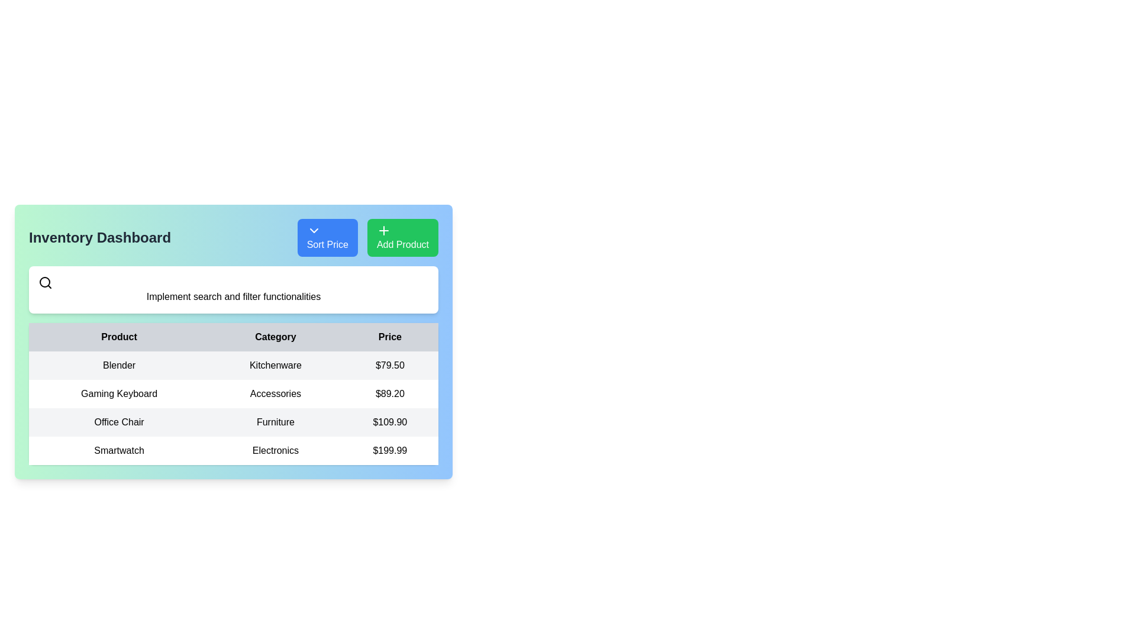 Image resolution: width=1136 pixels, height=639 pixels. Describe the element at coordinates (383, 230) in the screenshot. I see `the addition icon located in the top-right corner of the 'Add Product' button` at that location.